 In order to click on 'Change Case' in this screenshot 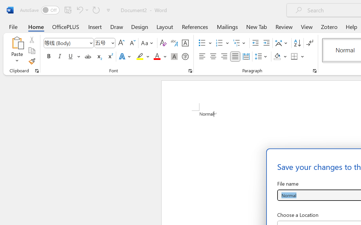, I will do `click(148, 43)`.